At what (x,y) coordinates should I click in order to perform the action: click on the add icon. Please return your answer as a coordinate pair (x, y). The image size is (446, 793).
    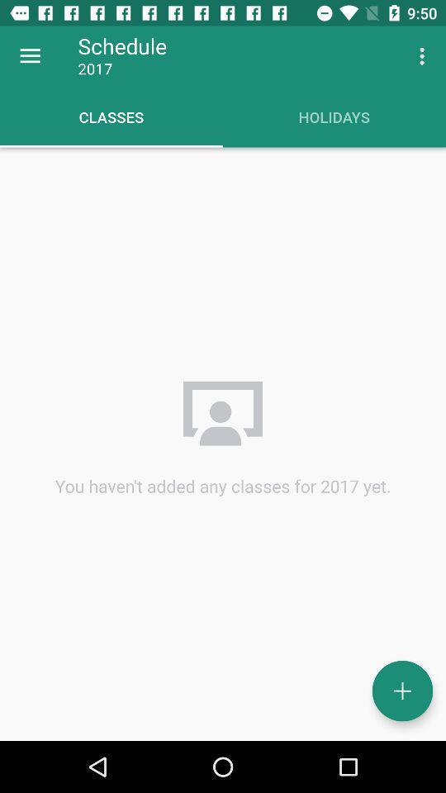
    Looking at the image, I should click on (401, 691).